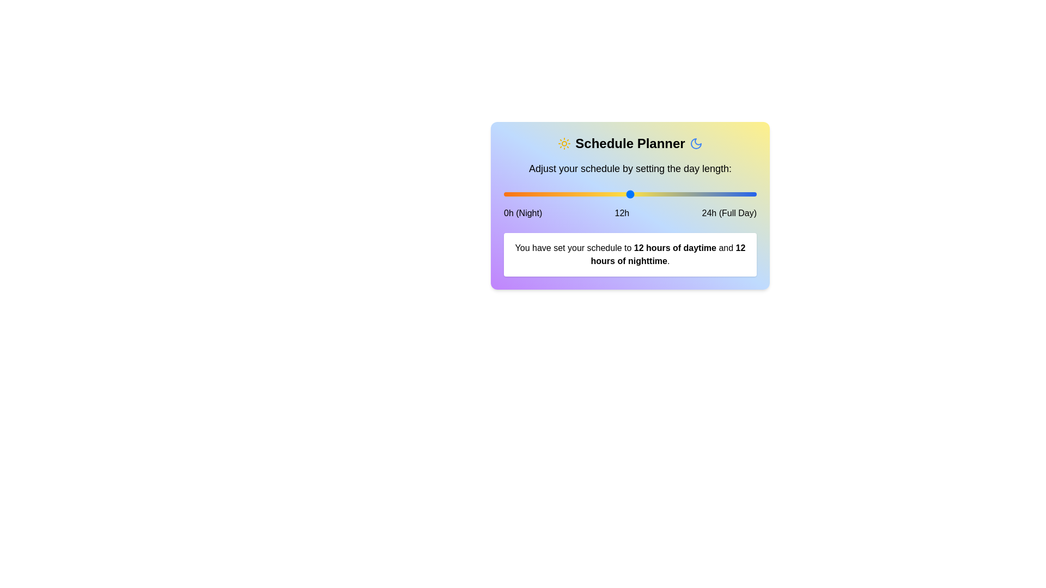  Describe the element at coordinates (682, 194) in the screenshot. I see `the slider to set daytime hours to 17` at that location.